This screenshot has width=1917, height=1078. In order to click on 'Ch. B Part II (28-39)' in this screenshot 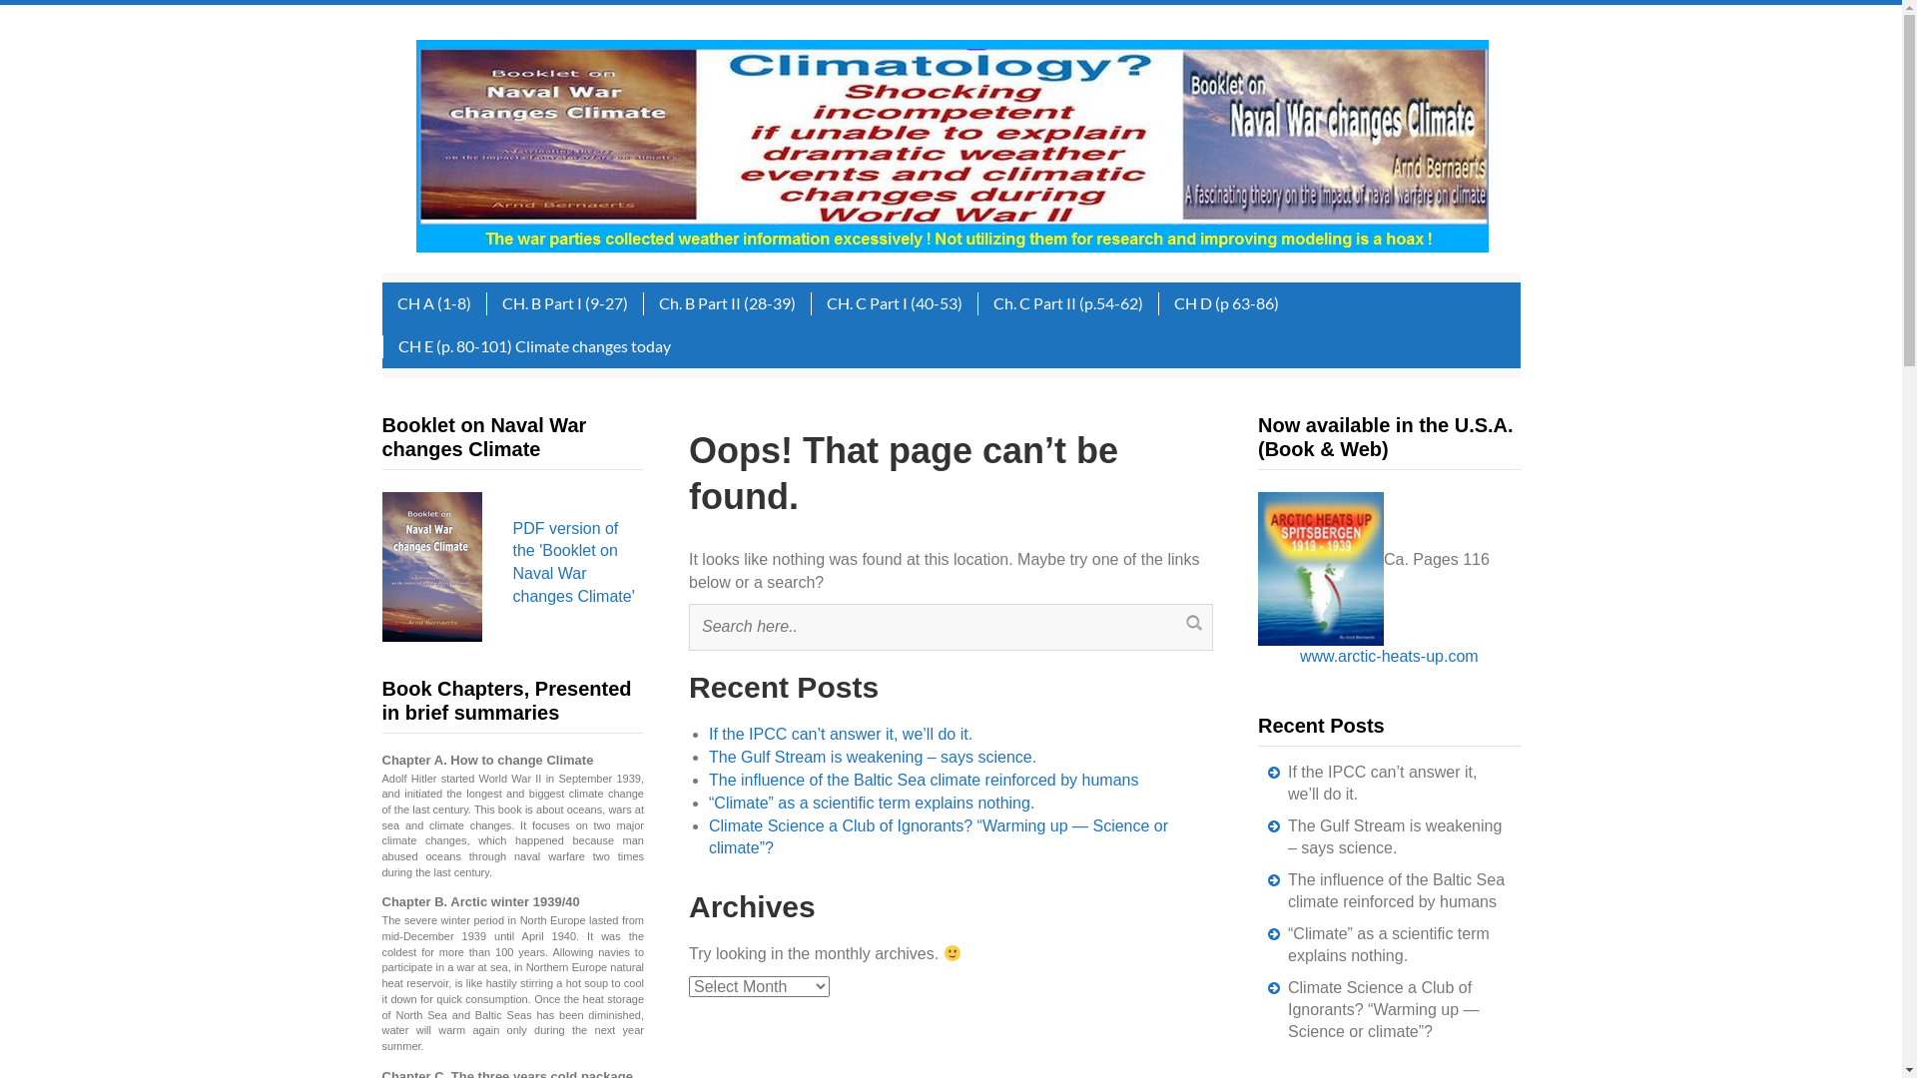, I will do `click(642, 303)`.